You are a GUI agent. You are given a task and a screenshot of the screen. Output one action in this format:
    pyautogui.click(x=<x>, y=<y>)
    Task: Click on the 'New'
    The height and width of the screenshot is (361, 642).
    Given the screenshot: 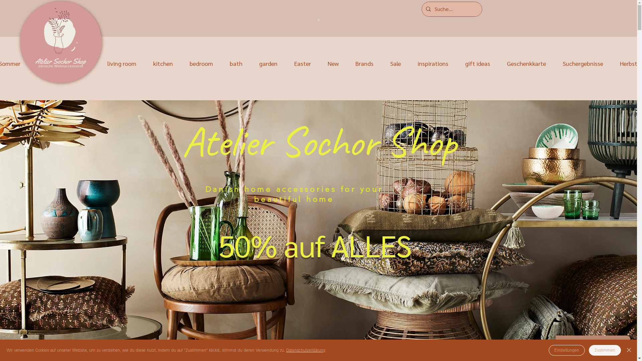 What is the action you would take?
    pyautogui.click(x=319, y=63)
    